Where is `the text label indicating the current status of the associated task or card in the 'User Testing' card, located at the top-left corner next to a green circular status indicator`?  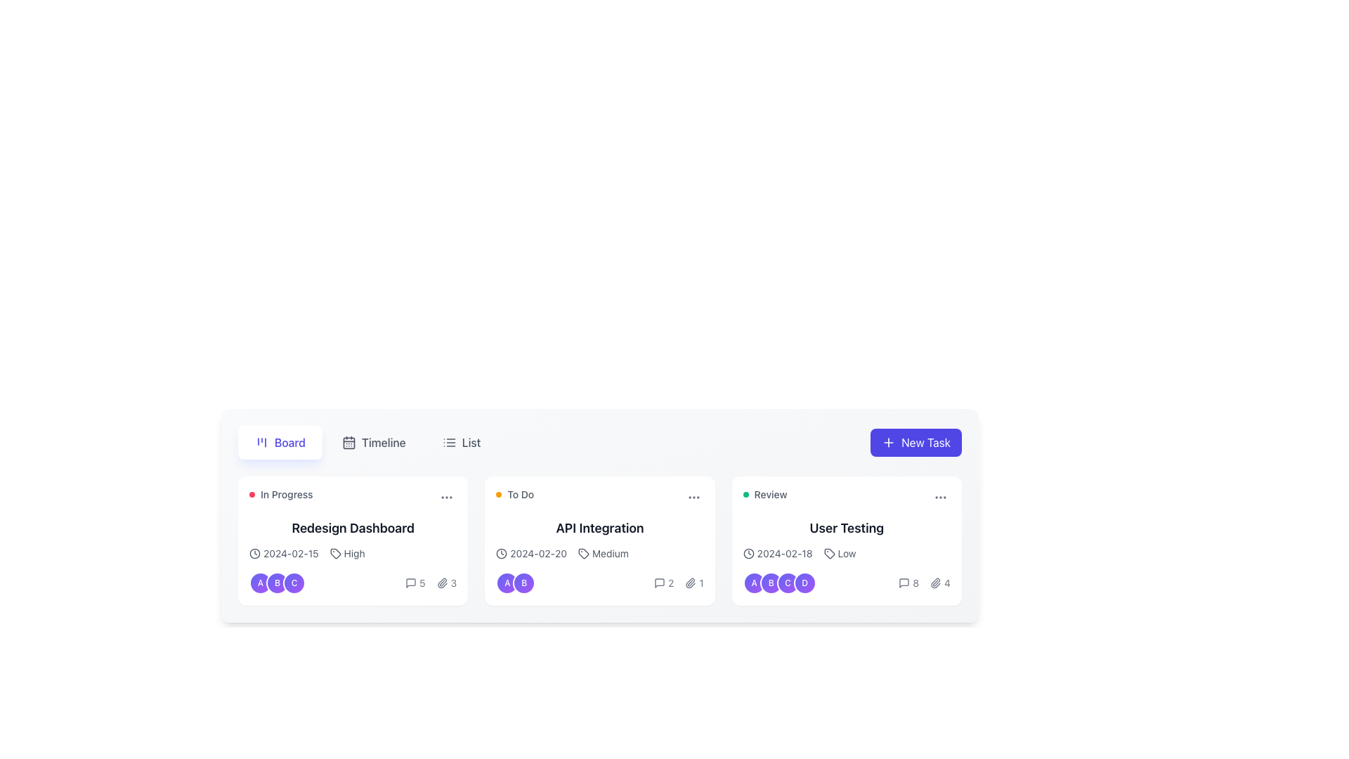
the text label indicating the current status of the associated task or card in the 'User Testing' card, located at the top-left corner next to a green circular status indicator is located at coordinates (770, 494).